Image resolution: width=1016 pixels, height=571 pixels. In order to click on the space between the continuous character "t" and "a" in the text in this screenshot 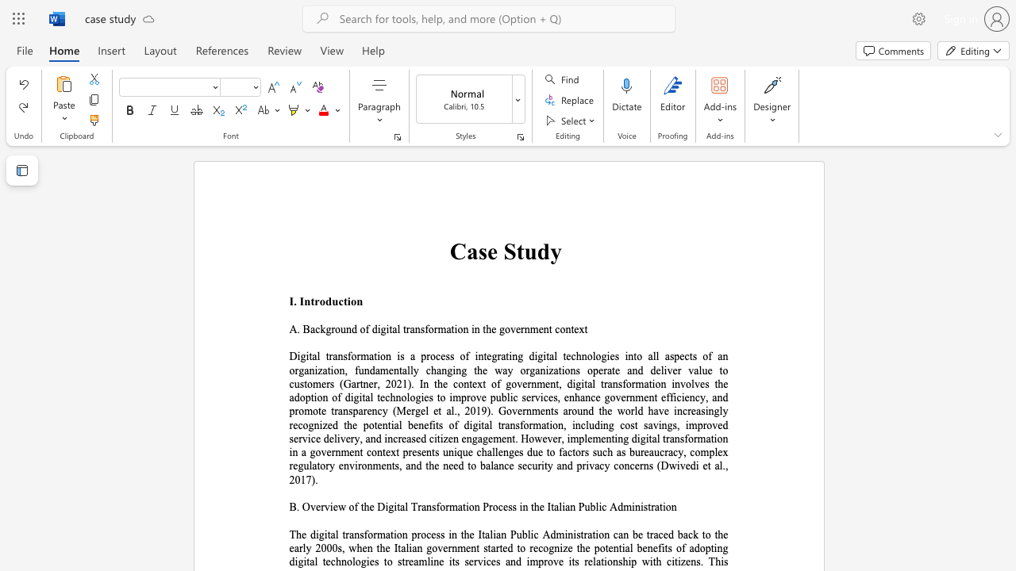, I will do `click(392, 328)`.